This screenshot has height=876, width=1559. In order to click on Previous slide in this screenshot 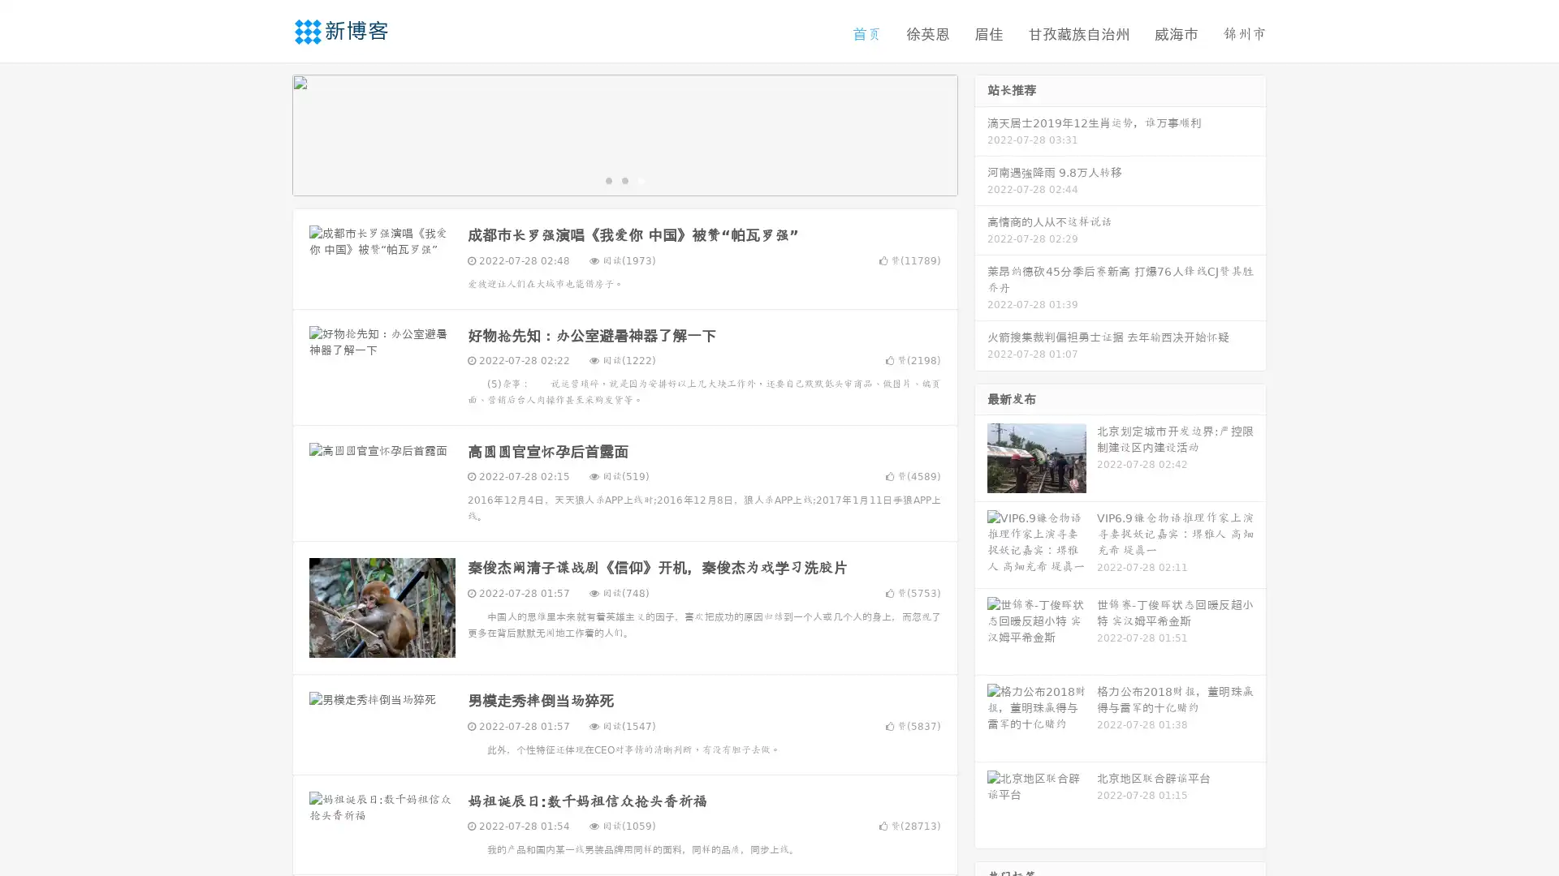, I will do `click(268, 136)`.